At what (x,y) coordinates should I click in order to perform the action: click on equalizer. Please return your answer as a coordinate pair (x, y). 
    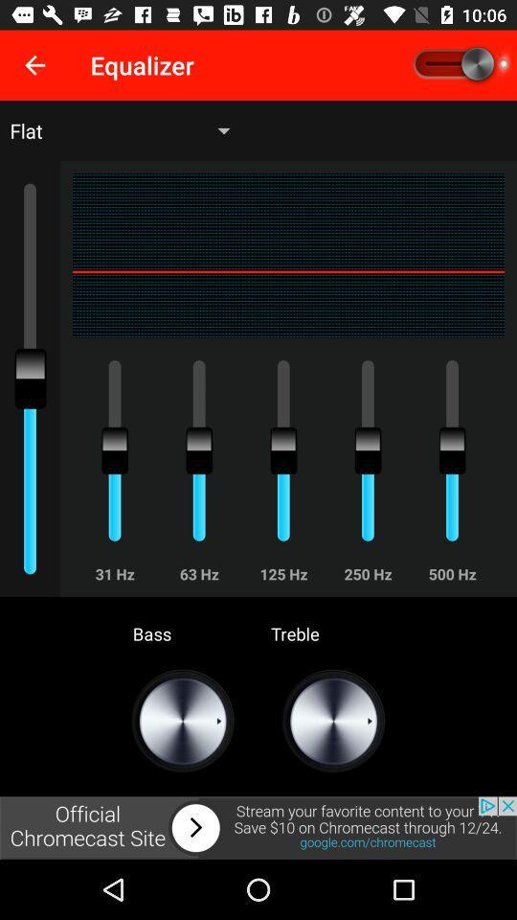
    Looking at the image, I should click on (459, 65).